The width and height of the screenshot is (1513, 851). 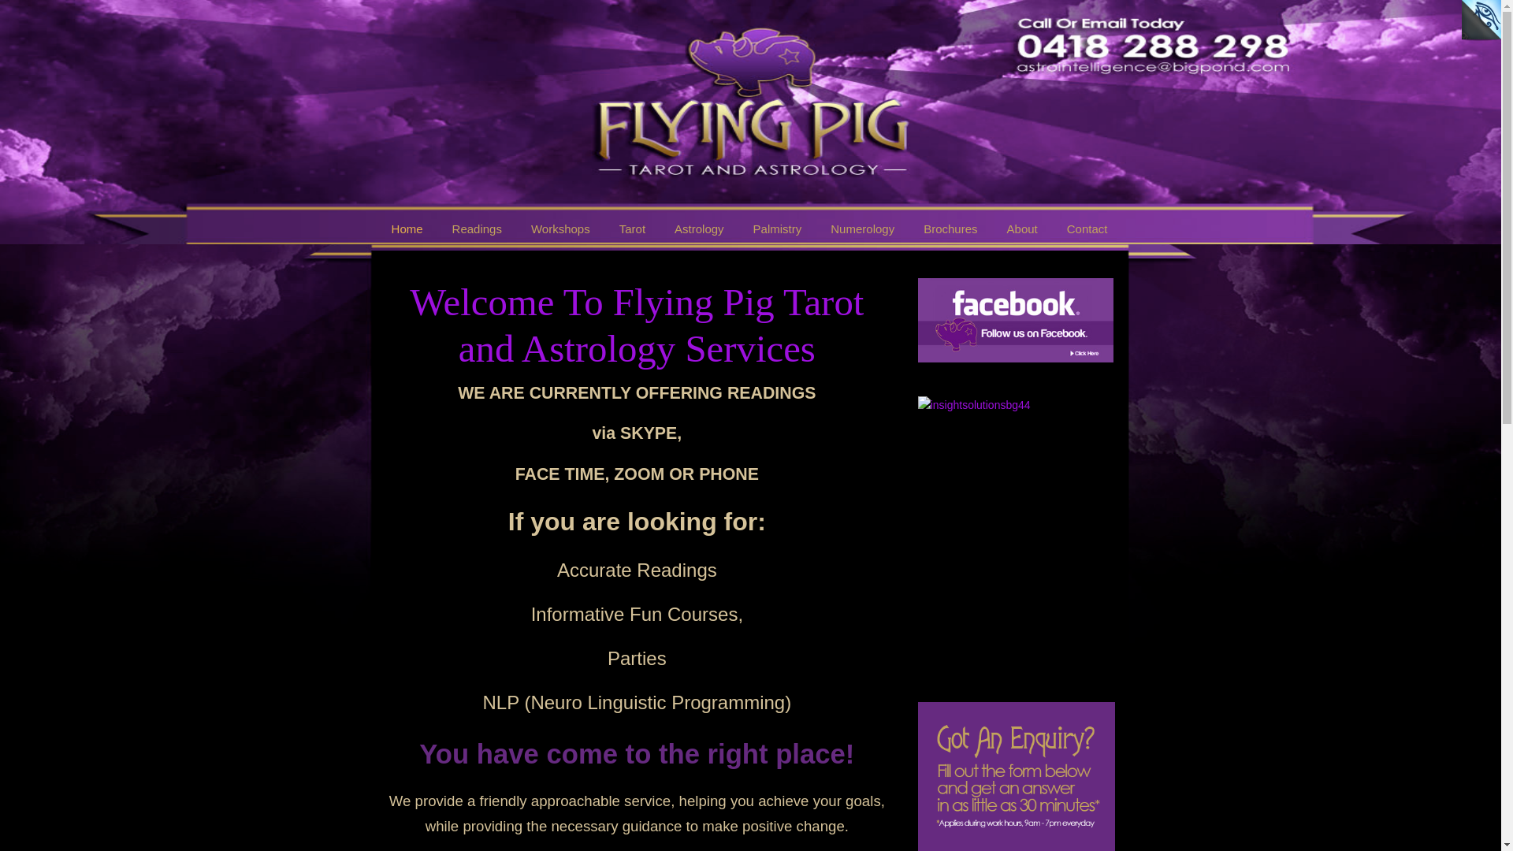 What do you see at coordinates (476, 229) in the screenshot?
I see `'Readings'` at bounding box center [476, 229].